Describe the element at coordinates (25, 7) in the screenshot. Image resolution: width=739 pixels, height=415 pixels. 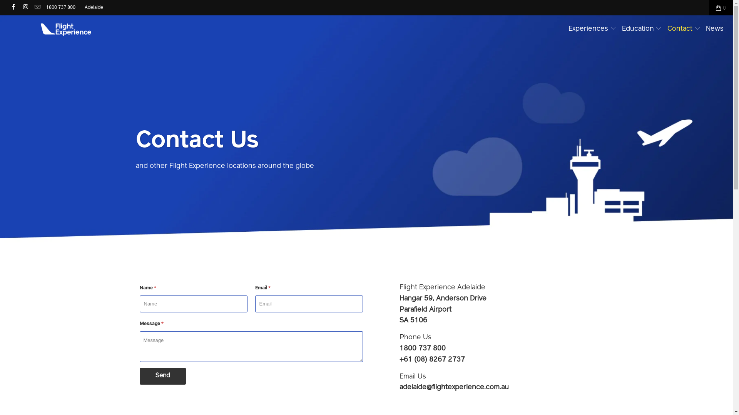
I see `'Flight Experience Adelaide on Instagram'` at that location.